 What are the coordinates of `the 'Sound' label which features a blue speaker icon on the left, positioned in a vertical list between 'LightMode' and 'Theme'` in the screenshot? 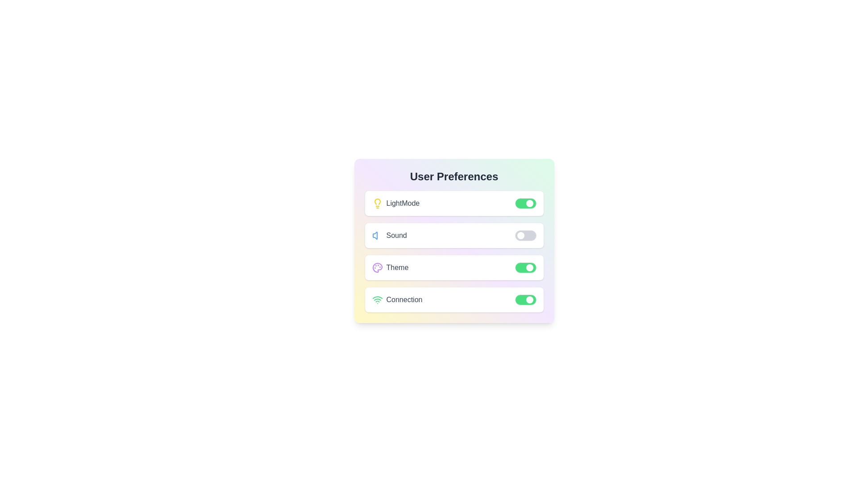 It's located at (389, 235).